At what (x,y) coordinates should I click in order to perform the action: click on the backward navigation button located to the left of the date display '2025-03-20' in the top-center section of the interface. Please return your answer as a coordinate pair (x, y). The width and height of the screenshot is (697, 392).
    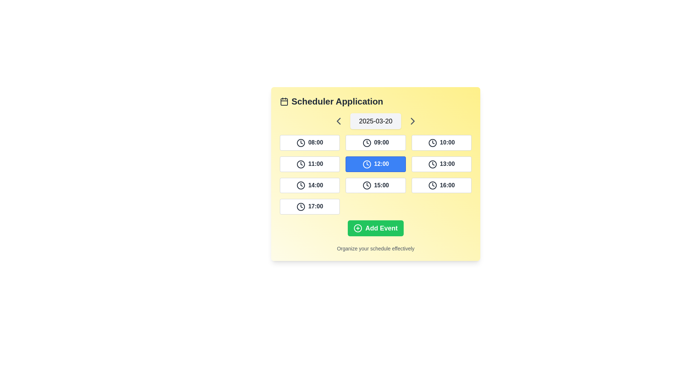
    Looking at the image, I should click on (338, 121).